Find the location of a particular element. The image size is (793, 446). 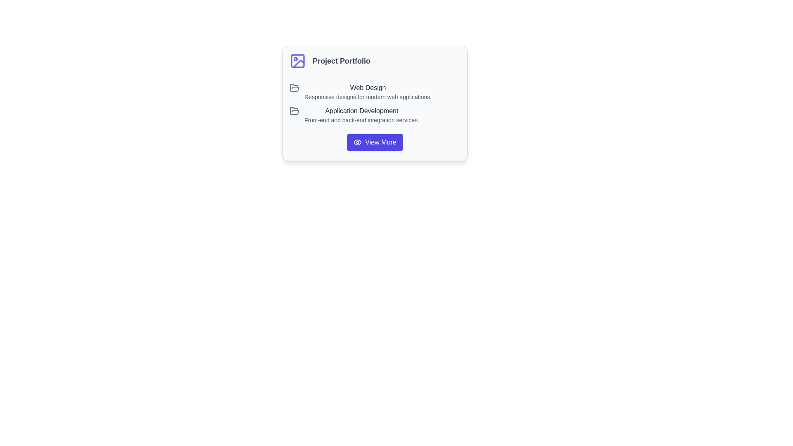

the button located at the bottom of the 'Project Portfolio' card is located at coordinates (374, 142).